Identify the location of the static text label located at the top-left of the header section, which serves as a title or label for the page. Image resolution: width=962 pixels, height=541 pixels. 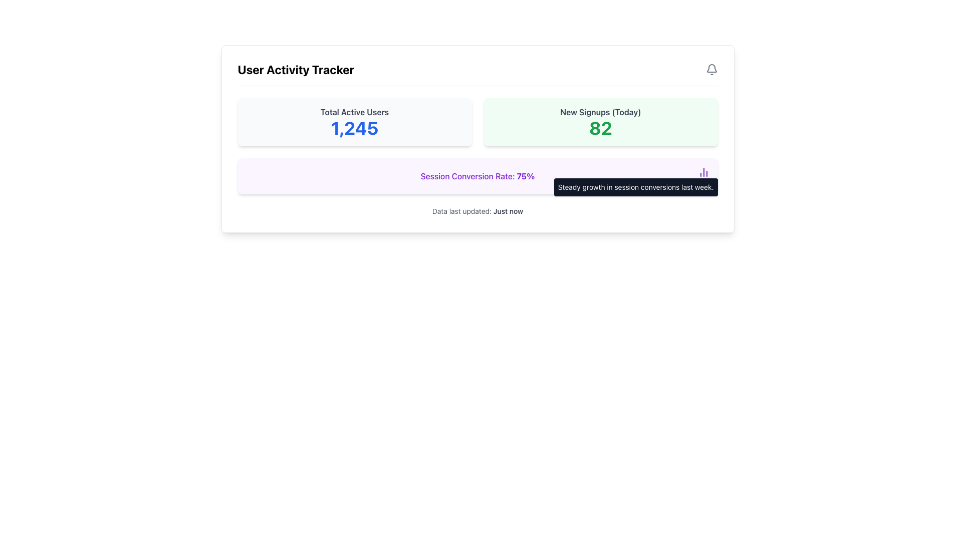
(295, 69).